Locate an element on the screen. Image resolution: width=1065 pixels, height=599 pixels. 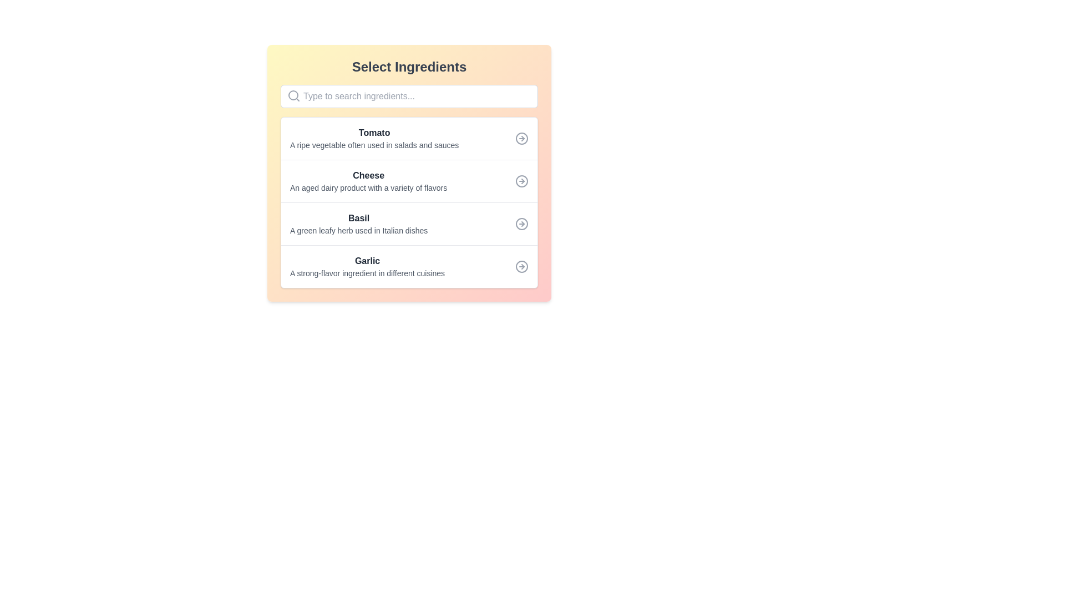
the description label providing additional information about 'Basil' in the ingredient selection interface, located beneath the text 'Basil' is located at coordinates (359, 230).